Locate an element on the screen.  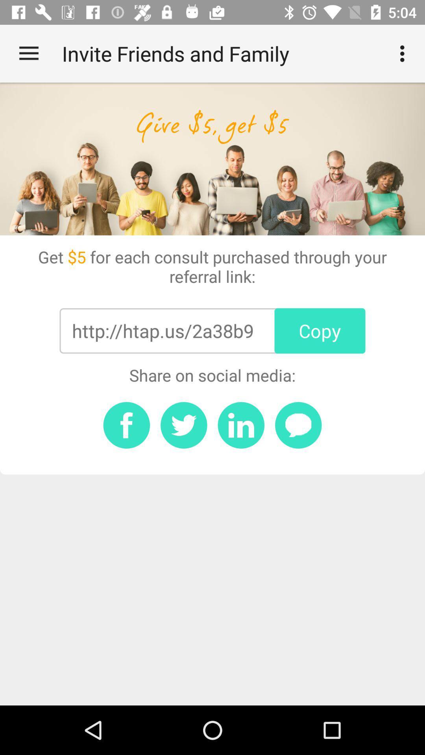
open a dialog box is located at coordinates (298, 425).